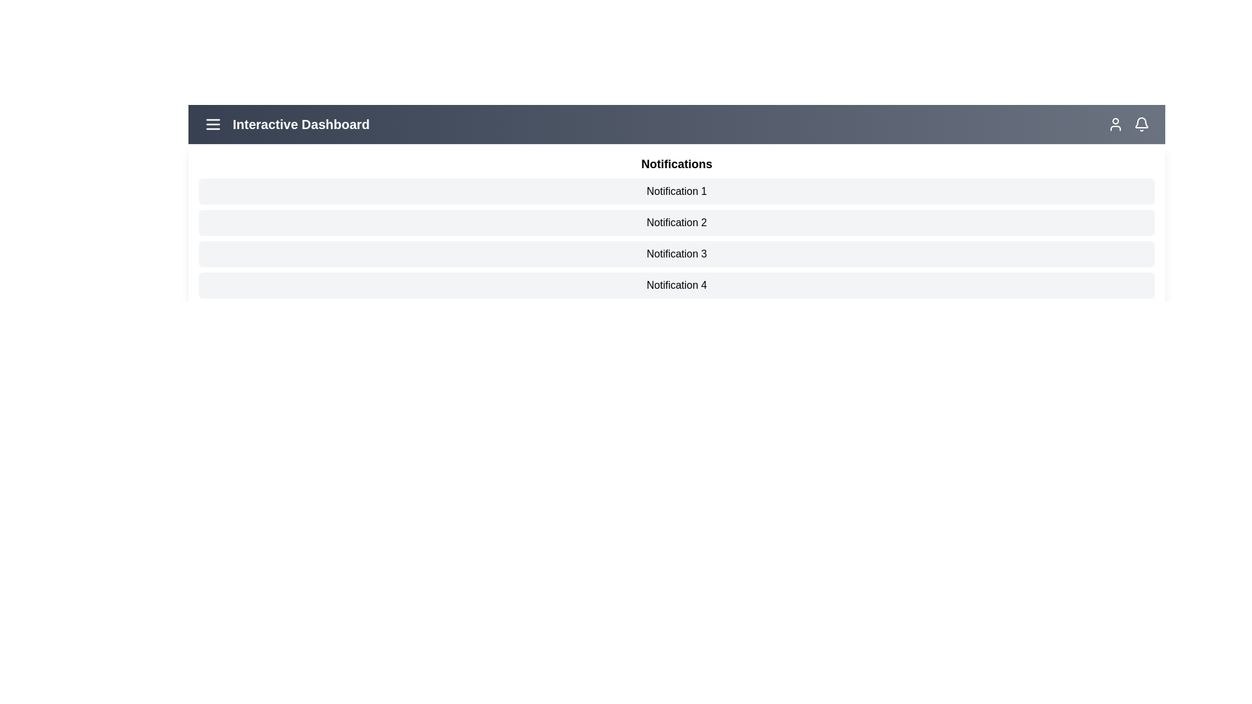 This screenshot has width=1252, height=704. What do you see at coordinates (1141, 125) in the screenshot?
I see `the bell icon in the app bar to toggle the notifications panel` at bounding box center [1141, 125].